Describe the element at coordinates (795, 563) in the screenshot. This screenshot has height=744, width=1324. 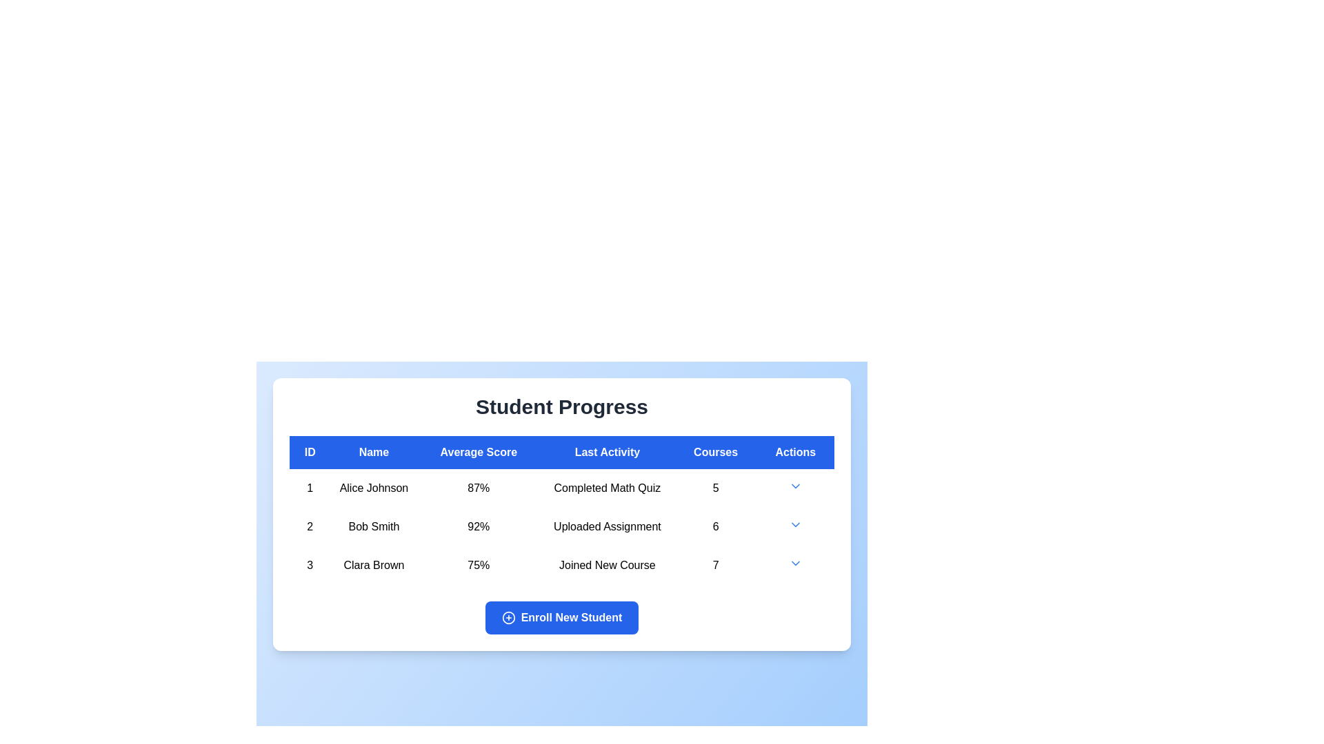
I see `the dropdown toggle button in the 'Actions' column of the last row in the 'Student Progress' table` at that location.